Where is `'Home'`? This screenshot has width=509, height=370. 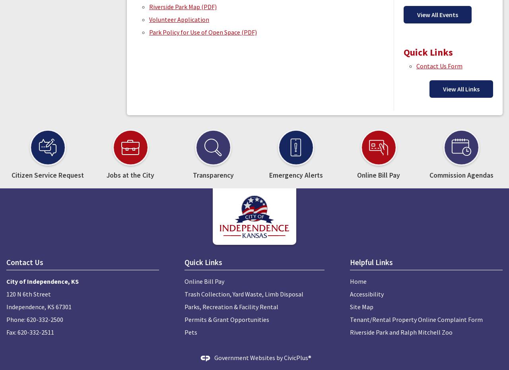 'Home' is located at coordinates (357, 281).